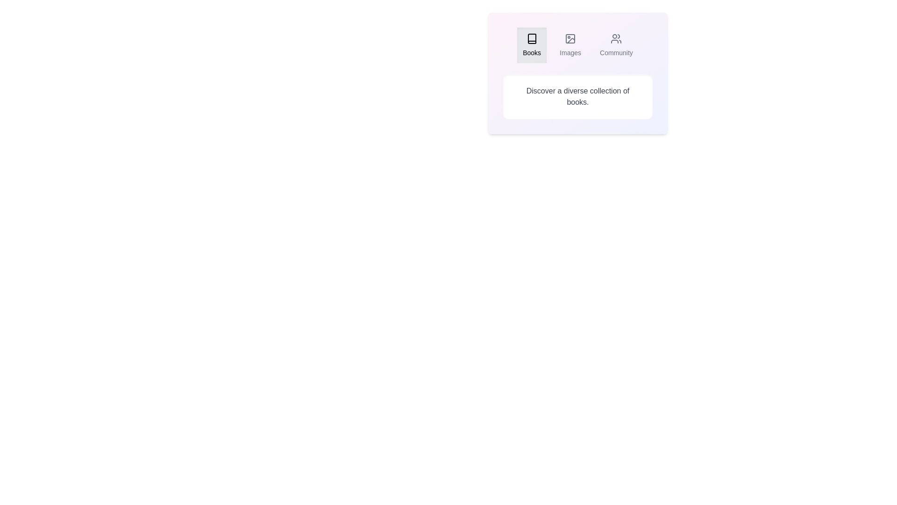  Describe the element at coordinates (532, 45) in the screenshot. I see `the Books tab by clicking on its button` at that location.